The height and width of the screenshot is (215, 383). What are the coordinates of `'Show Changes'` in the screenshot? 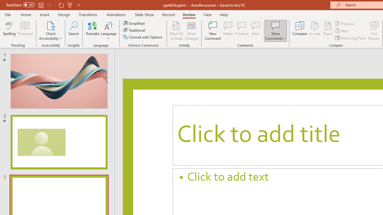 It's located at (191, 31).